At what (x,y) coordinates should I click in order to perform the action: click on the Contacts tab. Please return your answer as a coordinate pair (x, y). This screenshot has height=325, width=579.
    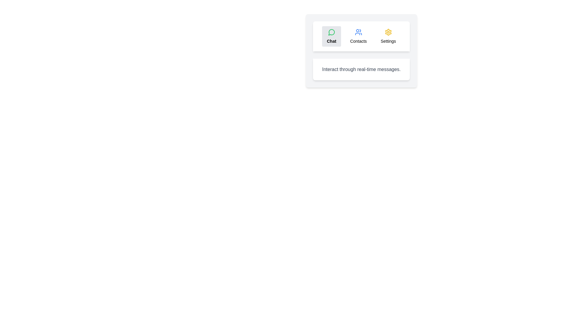
    Looking at the image, I should click on (358, 36).